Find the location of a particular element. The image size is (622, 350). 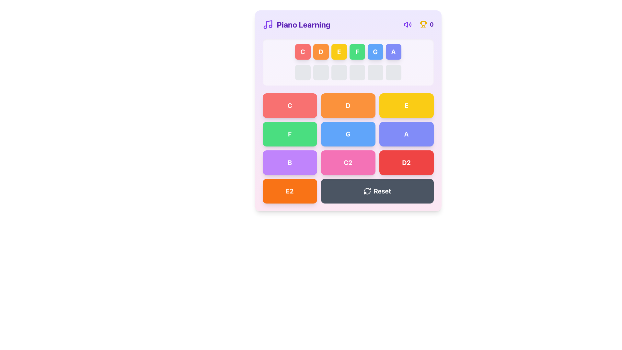

the button located in the top-most row of the grid layout, which corresponds is located at coordinates (406, 105).